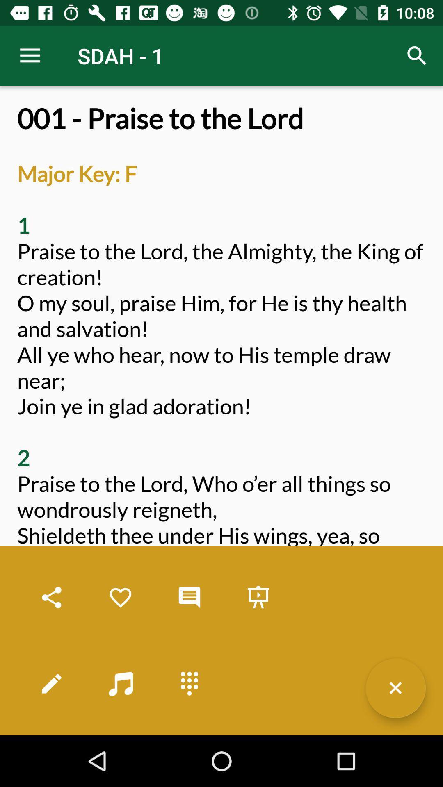 This screenshot has height=787, width=443. Describe the element at coordinates (258, 598) in the screenshot. I see `storage option` at that location.